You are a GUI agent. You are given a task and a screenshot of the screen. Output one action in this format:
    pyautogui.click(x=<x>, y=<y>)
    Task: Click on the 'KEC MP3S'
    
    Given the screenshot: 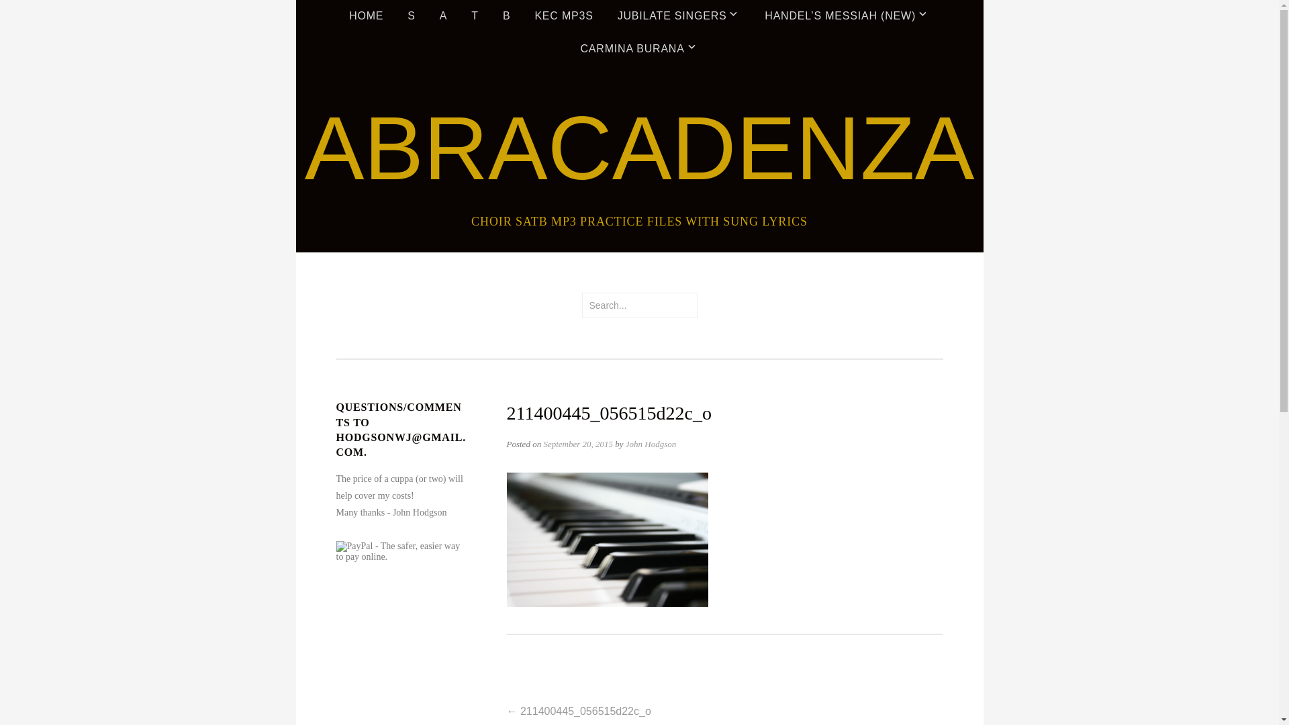 What is the action you would take?
    pyautogui.click(x=522, y=16)
    